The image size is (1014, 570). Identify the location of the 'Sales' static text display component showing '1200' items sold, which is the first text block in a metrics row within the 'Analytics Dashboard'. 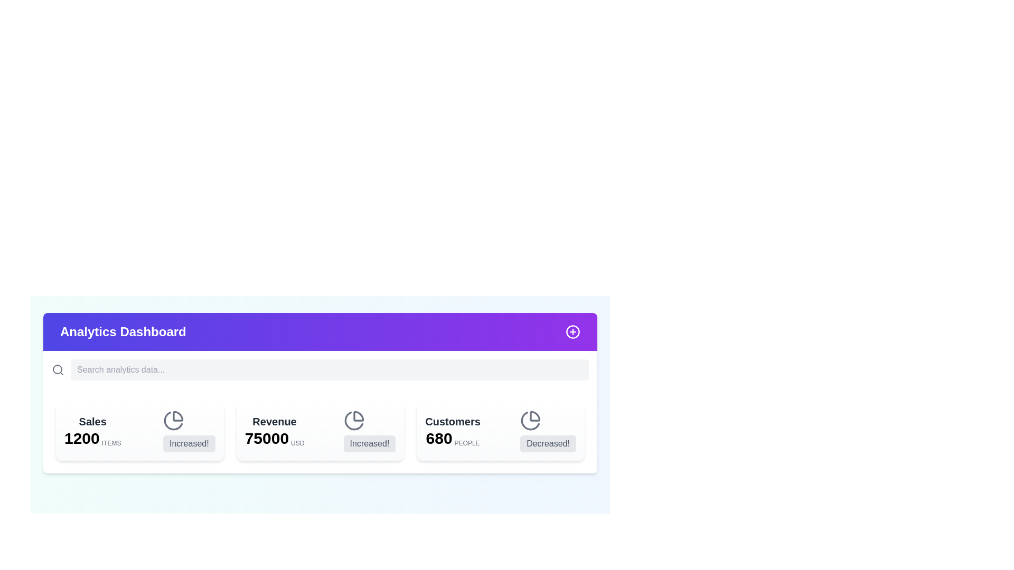
(92, 431).